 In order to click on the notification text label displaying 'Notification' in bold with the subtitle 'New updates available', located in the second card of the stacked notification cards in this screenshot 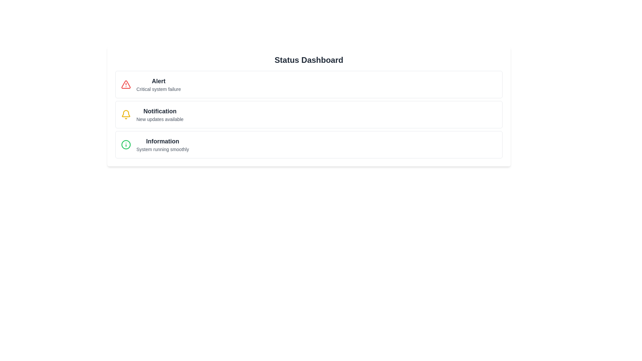, I will do `click(159, 114)`.